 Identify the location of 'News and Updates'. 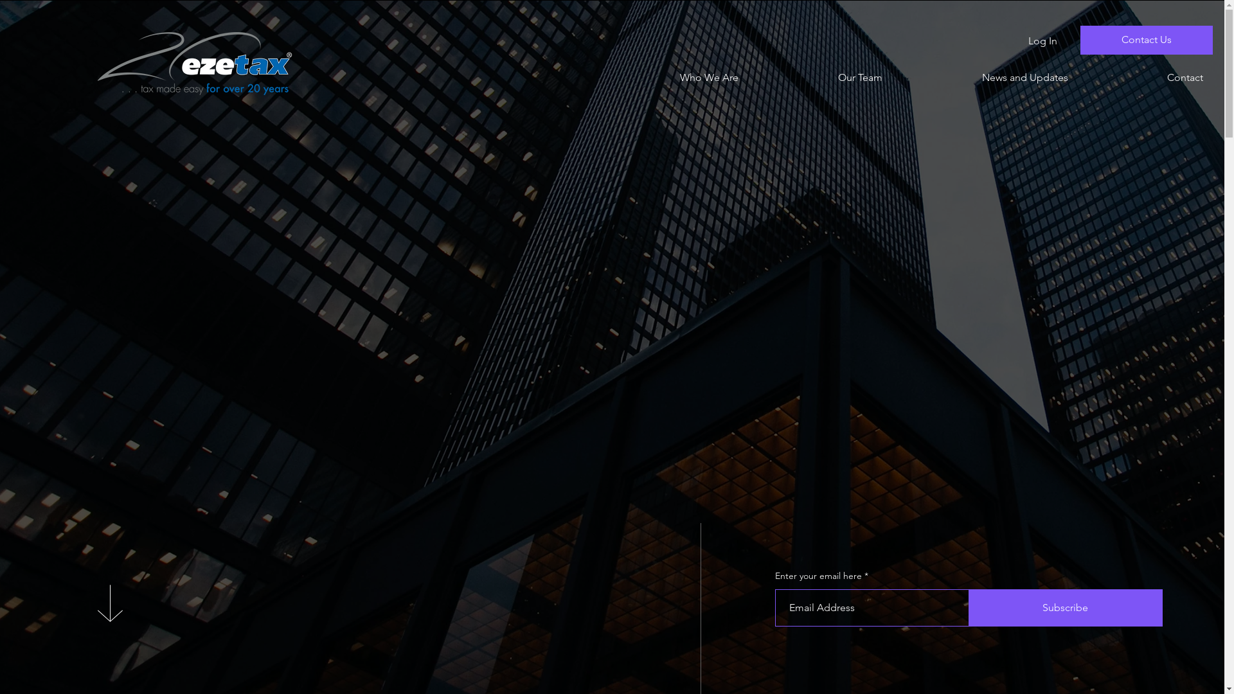
(984, 77).